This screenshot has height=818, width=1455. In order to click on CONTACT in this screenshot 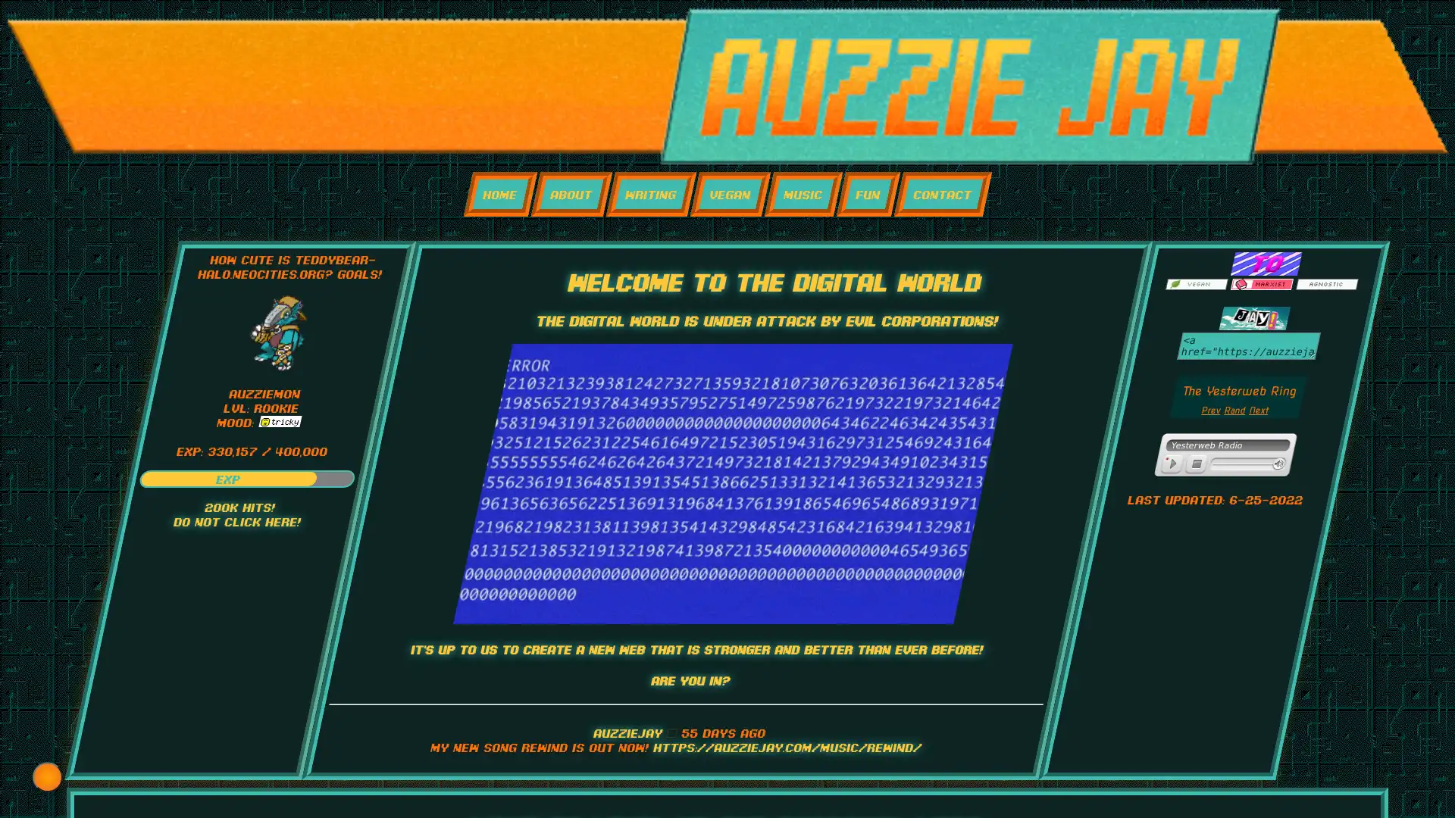, I will do `click(941, 193)`.